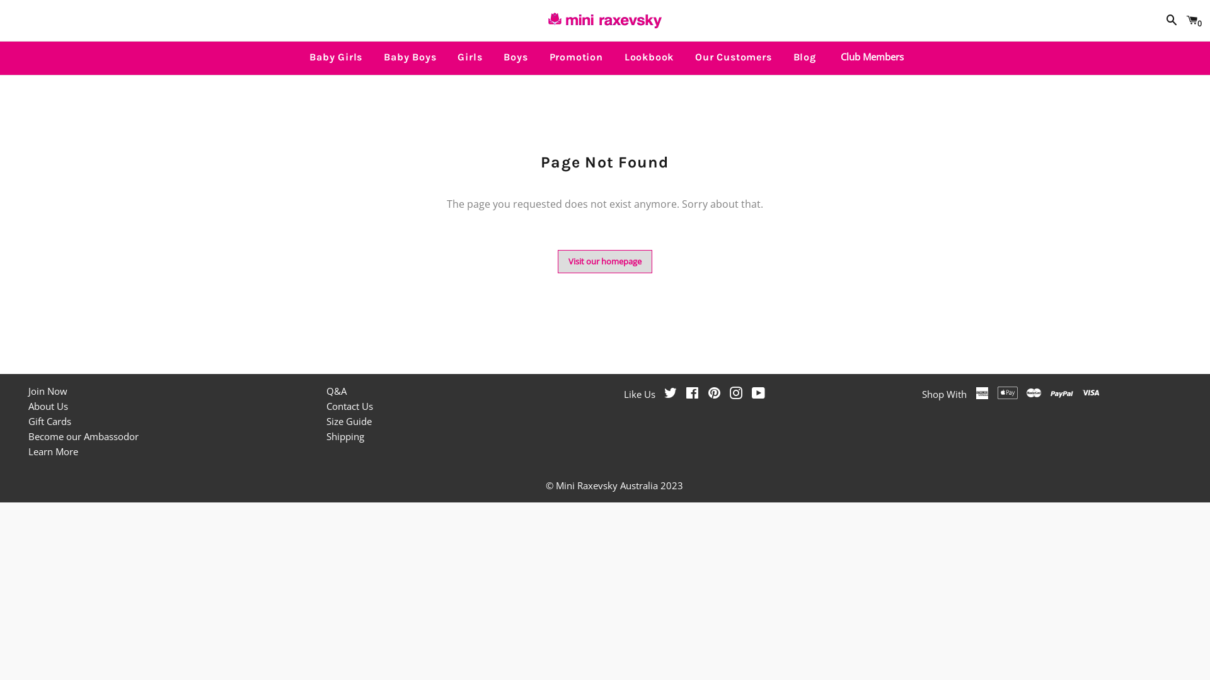  Describe the element at coordinates (733, 57) in the screenshot. I see `'Our Customers'` at that location.